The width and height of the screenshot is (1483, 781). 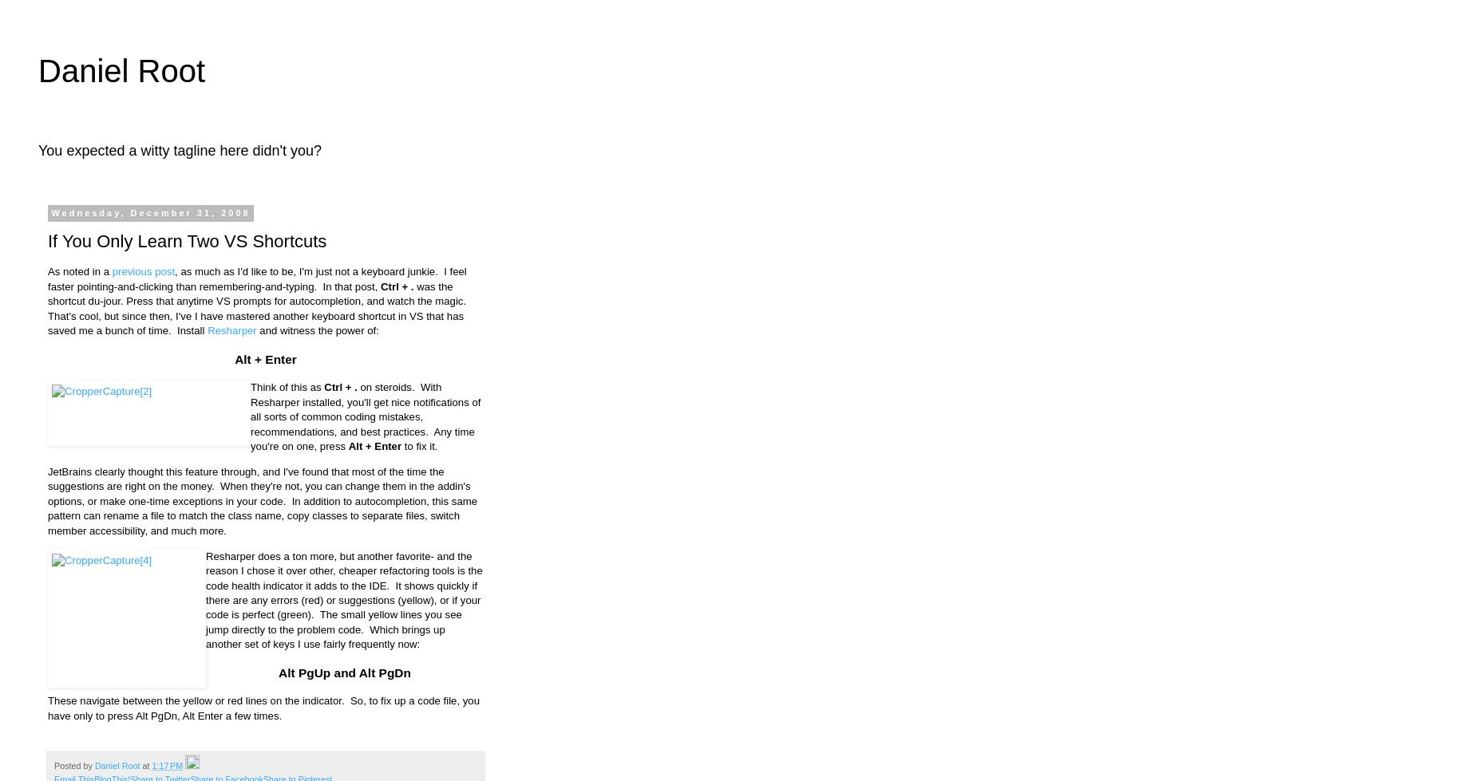 What do you see at coordinates (278, 672) in the screenshot?
I see `'Alt PgUp and Alt PgDn'` at bounding box center [278, 672].